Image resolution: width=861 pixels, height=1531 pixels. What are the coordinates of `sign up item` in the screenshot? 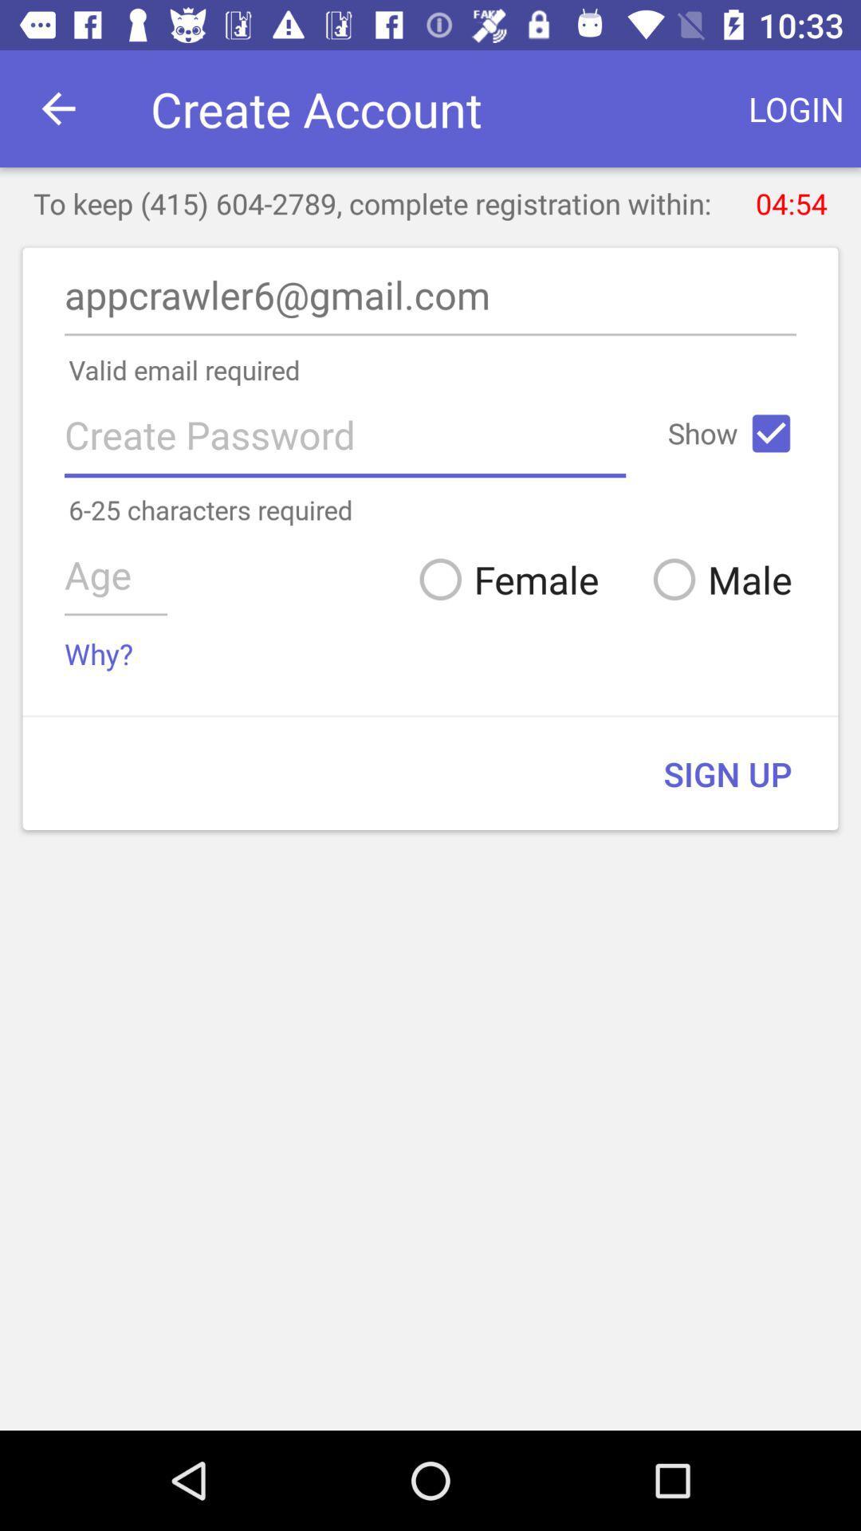 It's located at (728, 773).